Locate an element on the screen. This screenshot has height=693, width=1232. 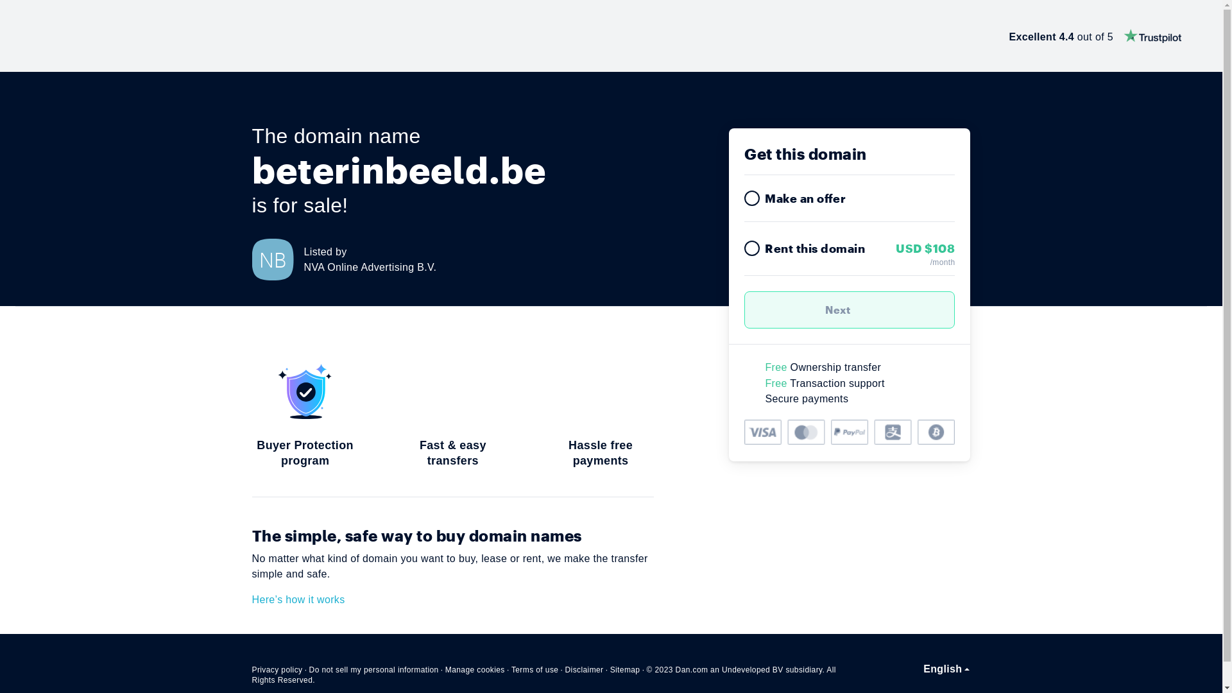
'Next is located at coordinates (850, 309).